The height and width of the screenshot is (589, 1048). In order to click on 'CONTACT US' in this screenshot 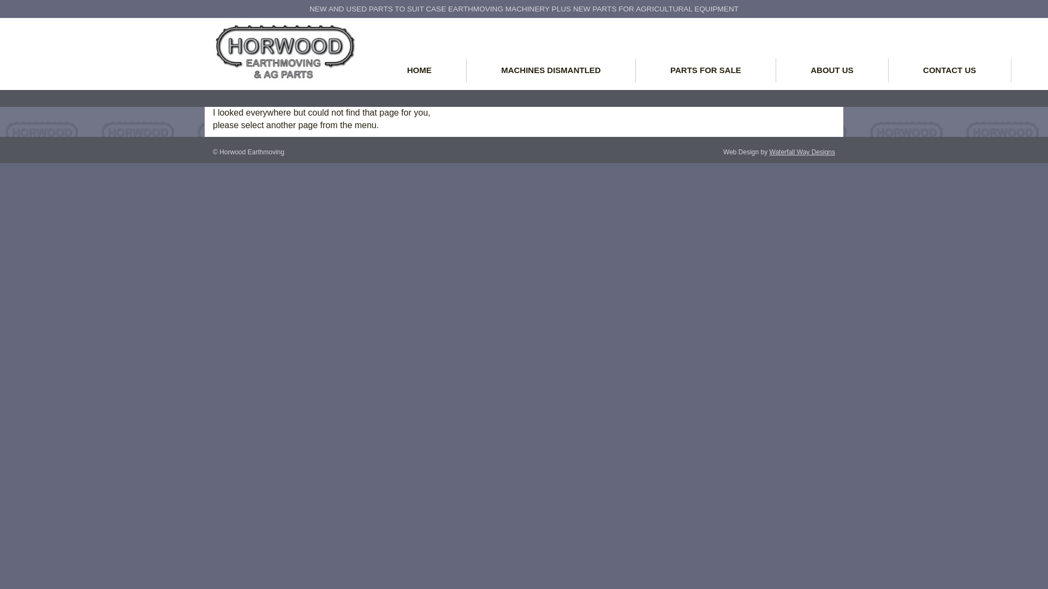, I will do `click(949, 70)`.